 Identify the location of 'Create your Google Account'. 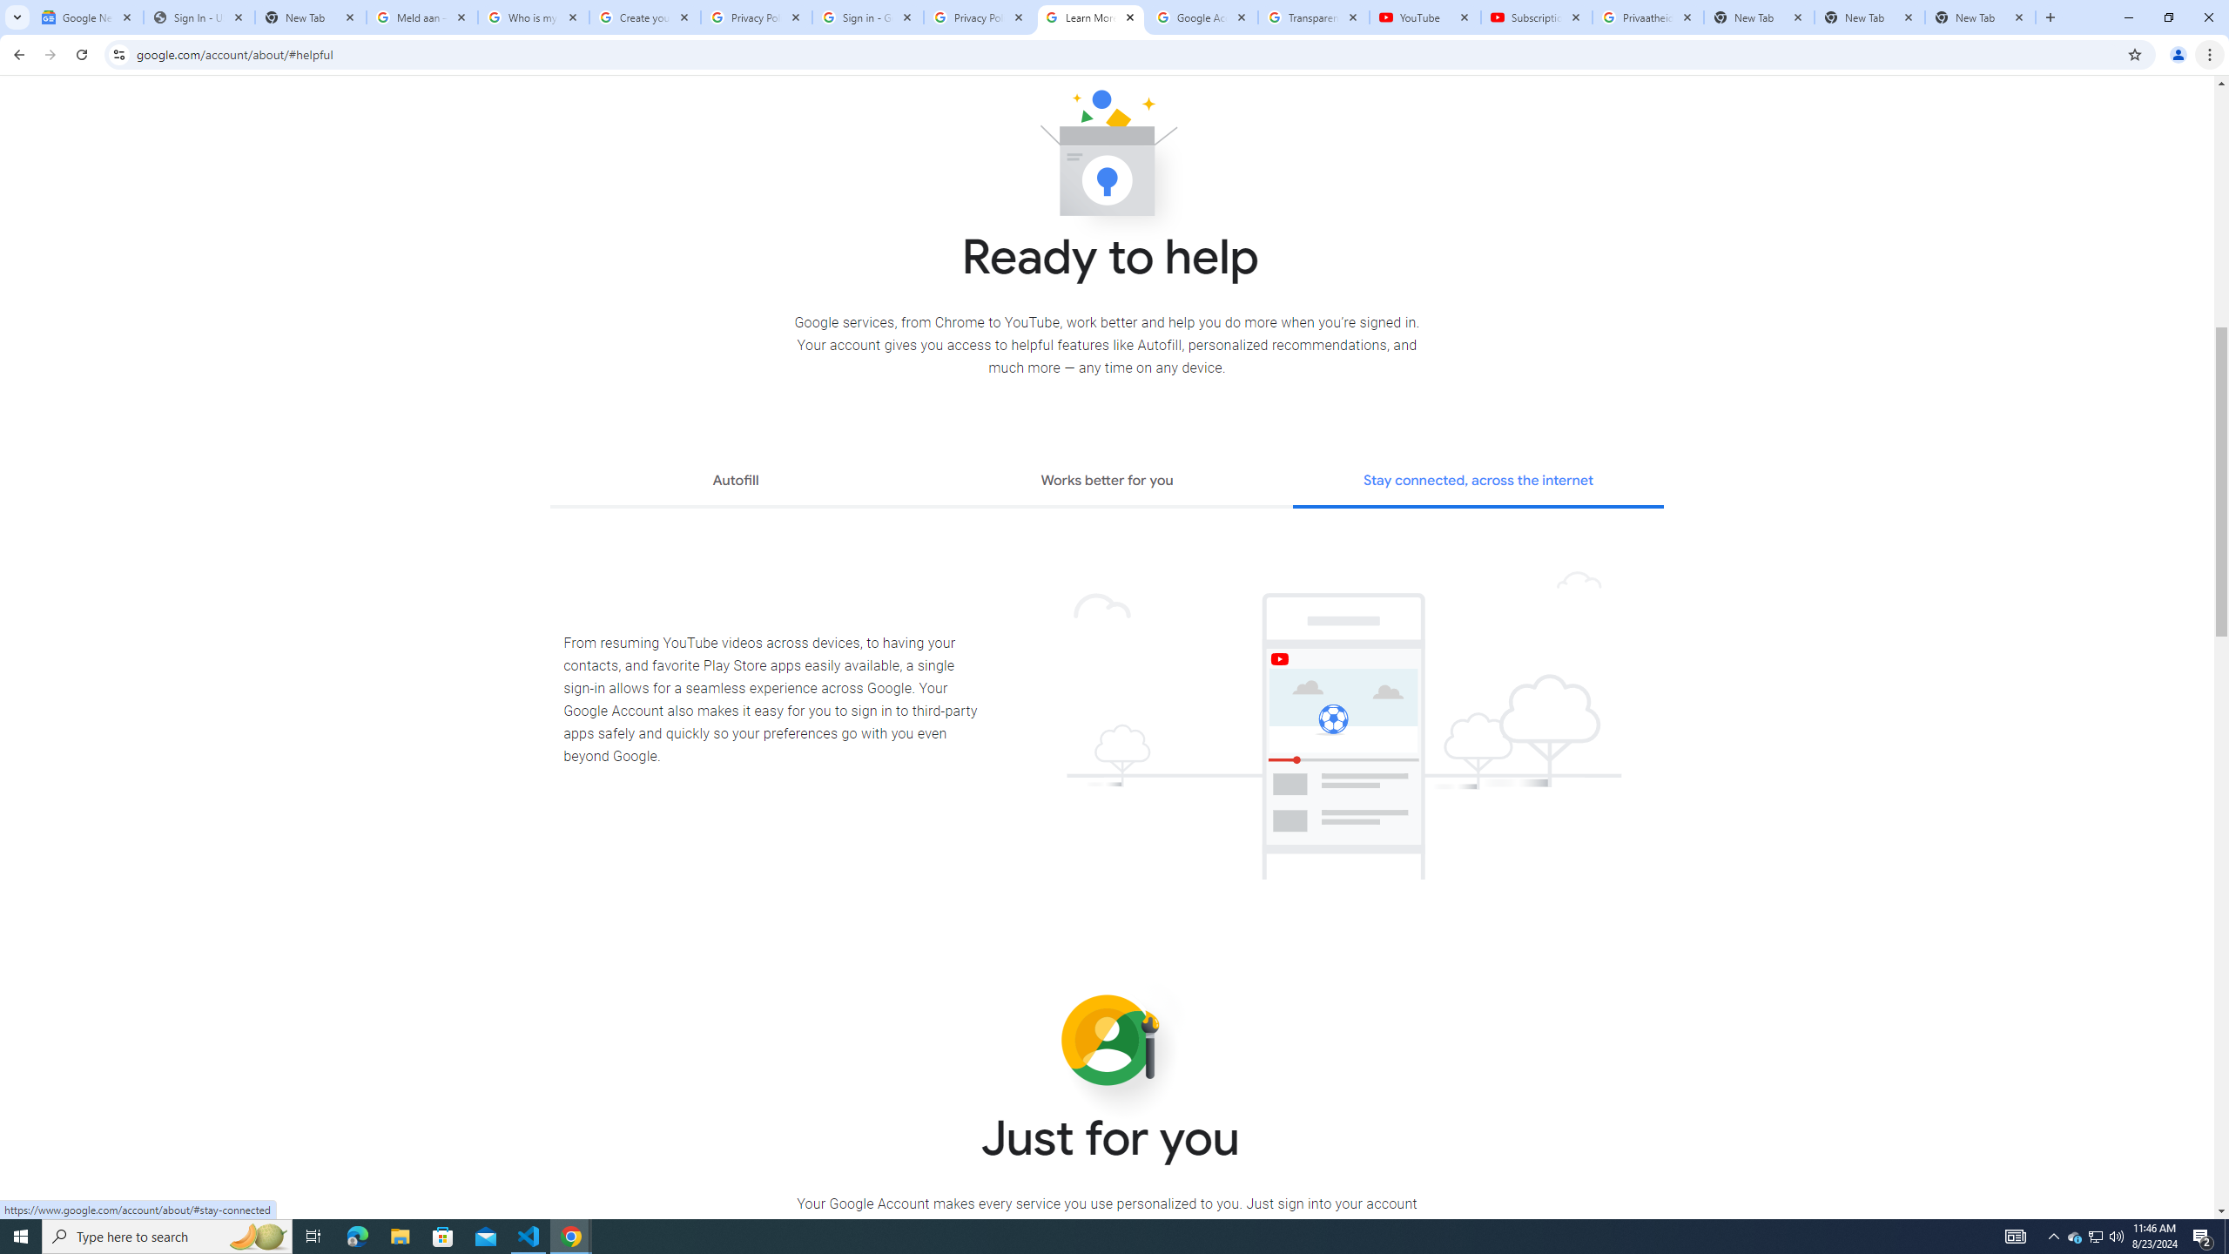
(645, 17).